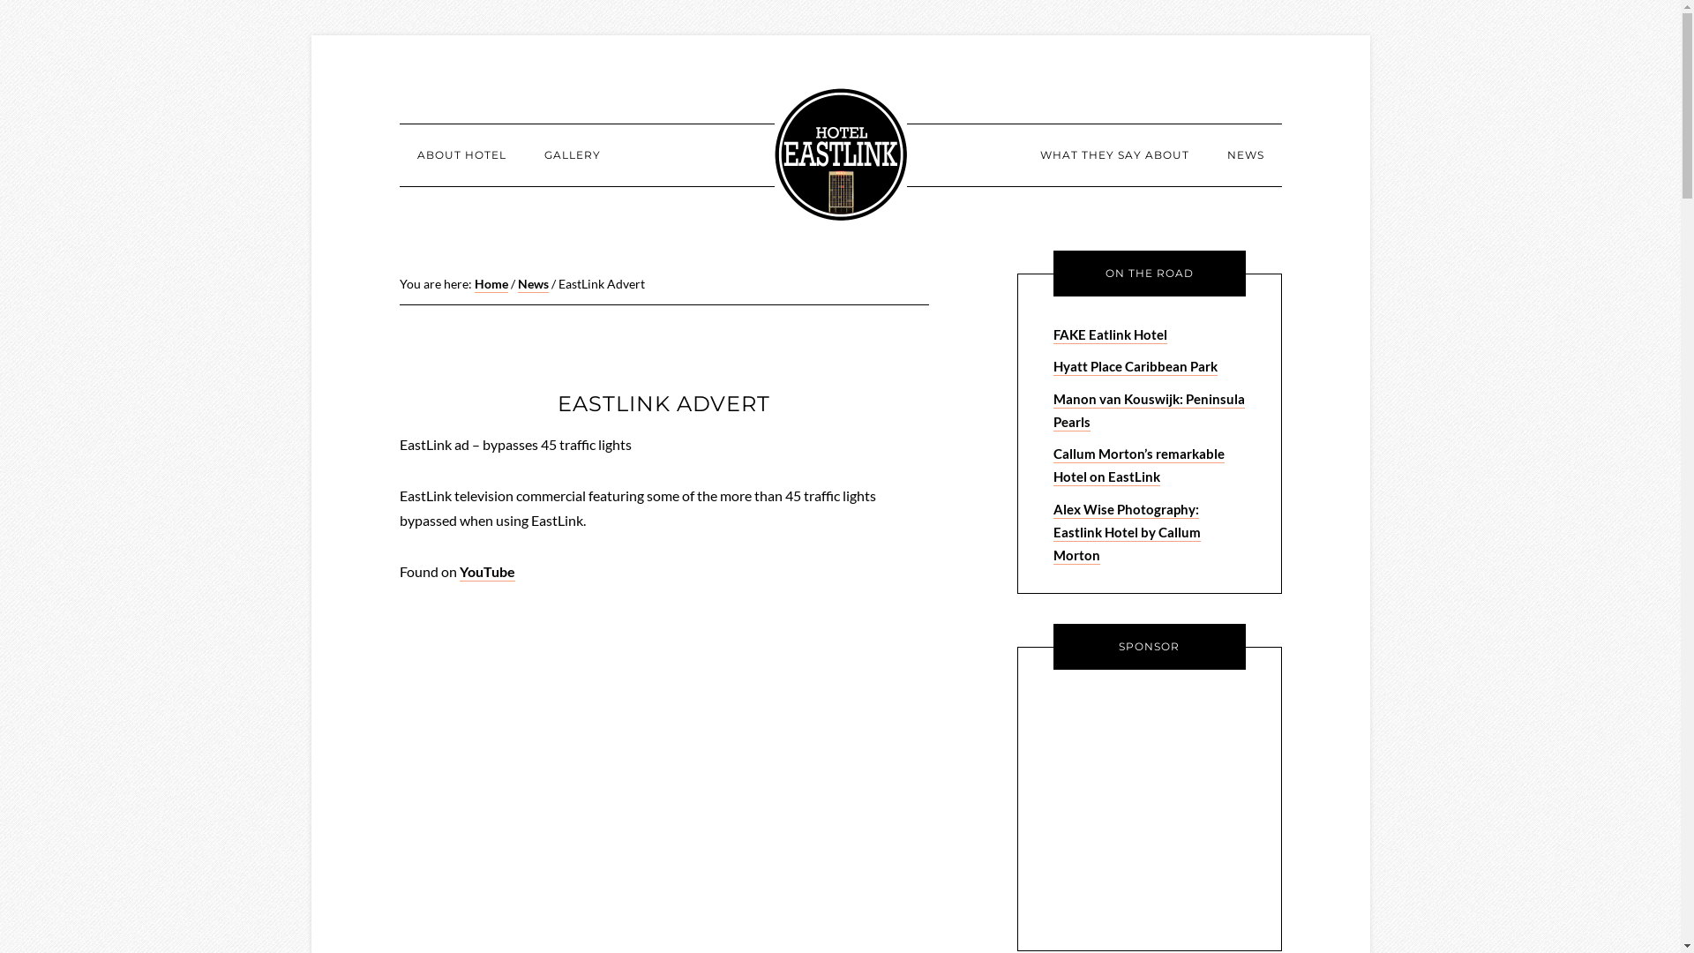 The image size is (1694, 953). What do you see at coordinates (531, 283) in the screenshot?
I see `'News'` at bounding box center [531, 283].